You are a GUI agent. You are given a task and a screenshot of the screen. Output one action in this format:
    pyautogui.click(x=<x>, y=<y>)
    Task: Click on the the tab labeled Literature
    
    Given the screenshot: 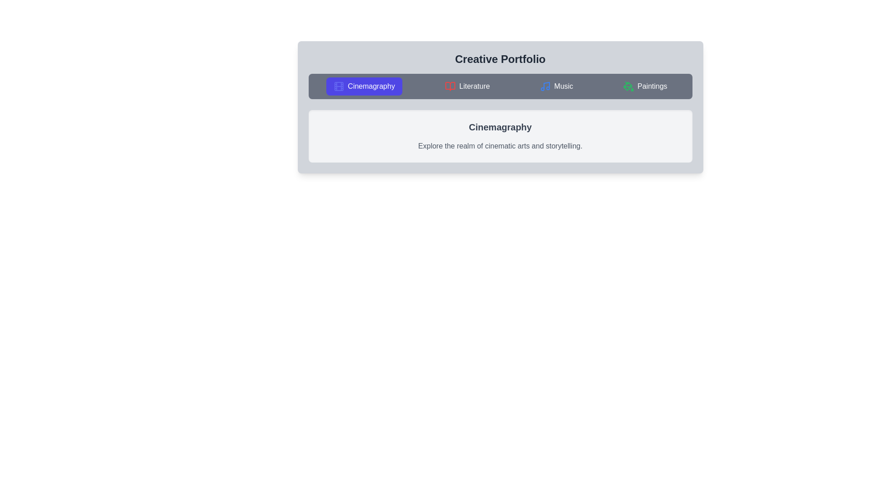 What is the action you would take?
    pyautogui.click(x=467, y=86)
    